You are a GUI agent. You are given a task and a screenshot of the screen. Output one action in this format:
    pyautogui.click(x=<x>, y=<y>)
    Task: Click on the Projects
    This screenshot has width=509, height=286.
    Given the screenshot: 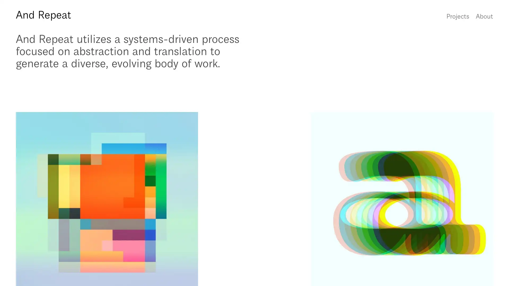 What is the action you would take?
    pyautogui.click(x=458, y=16)
    